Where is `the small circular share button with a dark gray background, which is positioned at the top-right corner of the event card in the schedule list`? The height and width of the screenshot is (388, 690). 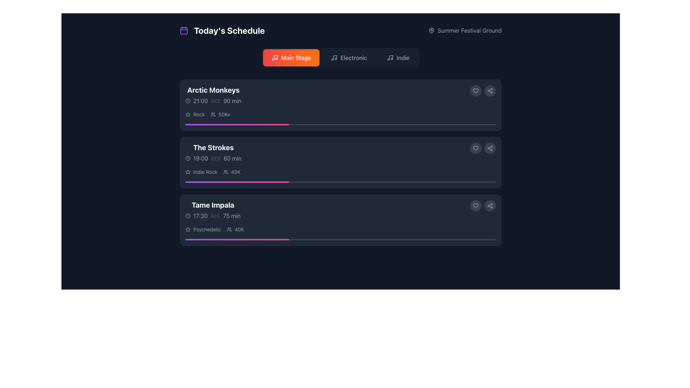 the small circular share button with a dark gray background, which is positioned at the top-right corner of the event card in the schedule list is located at coordinates (489, 91).